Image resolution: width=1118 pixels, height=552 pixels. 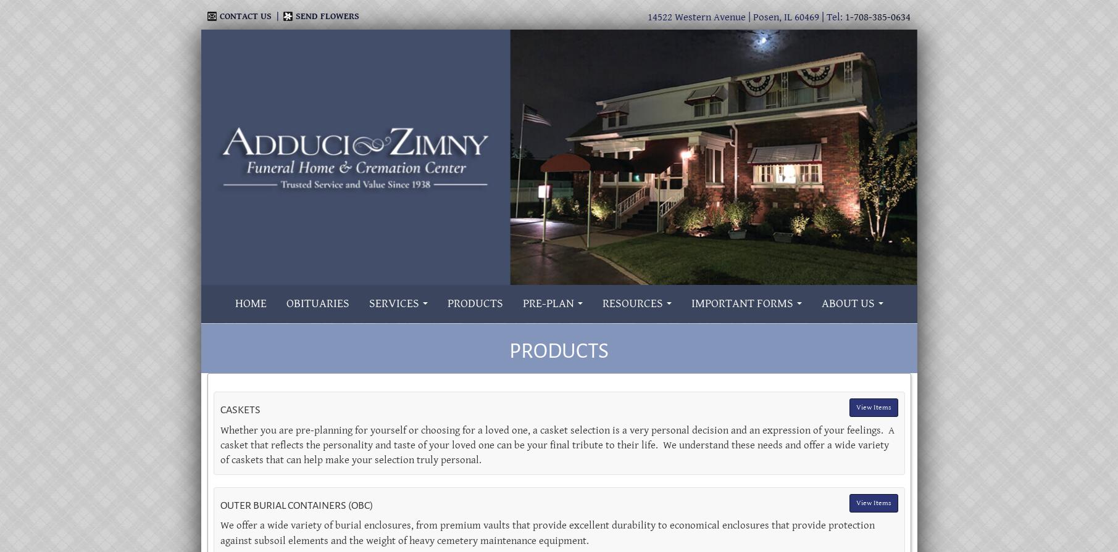 What do you see at coordinates (219, 505) in the screenshot?
I see `'Outer Burial Containers (OBC)'` at bounding box center [219, 505].